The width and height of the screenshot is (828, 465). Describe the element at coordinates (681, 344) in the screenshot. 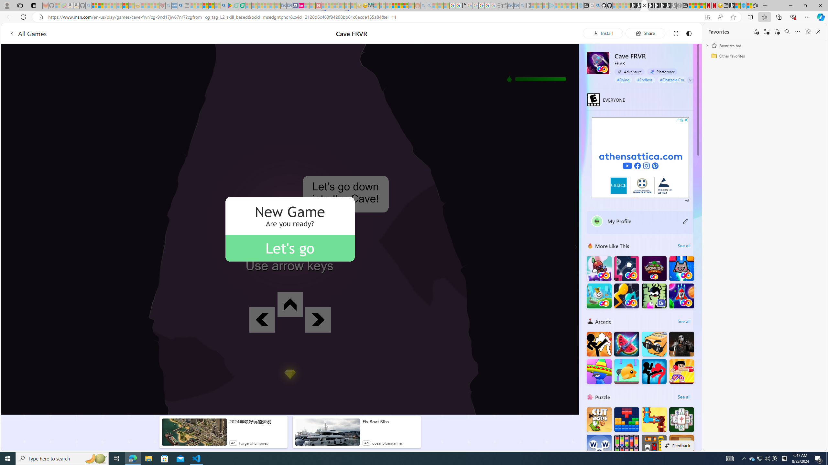

I see `'Hunter Hitman'` at that location.